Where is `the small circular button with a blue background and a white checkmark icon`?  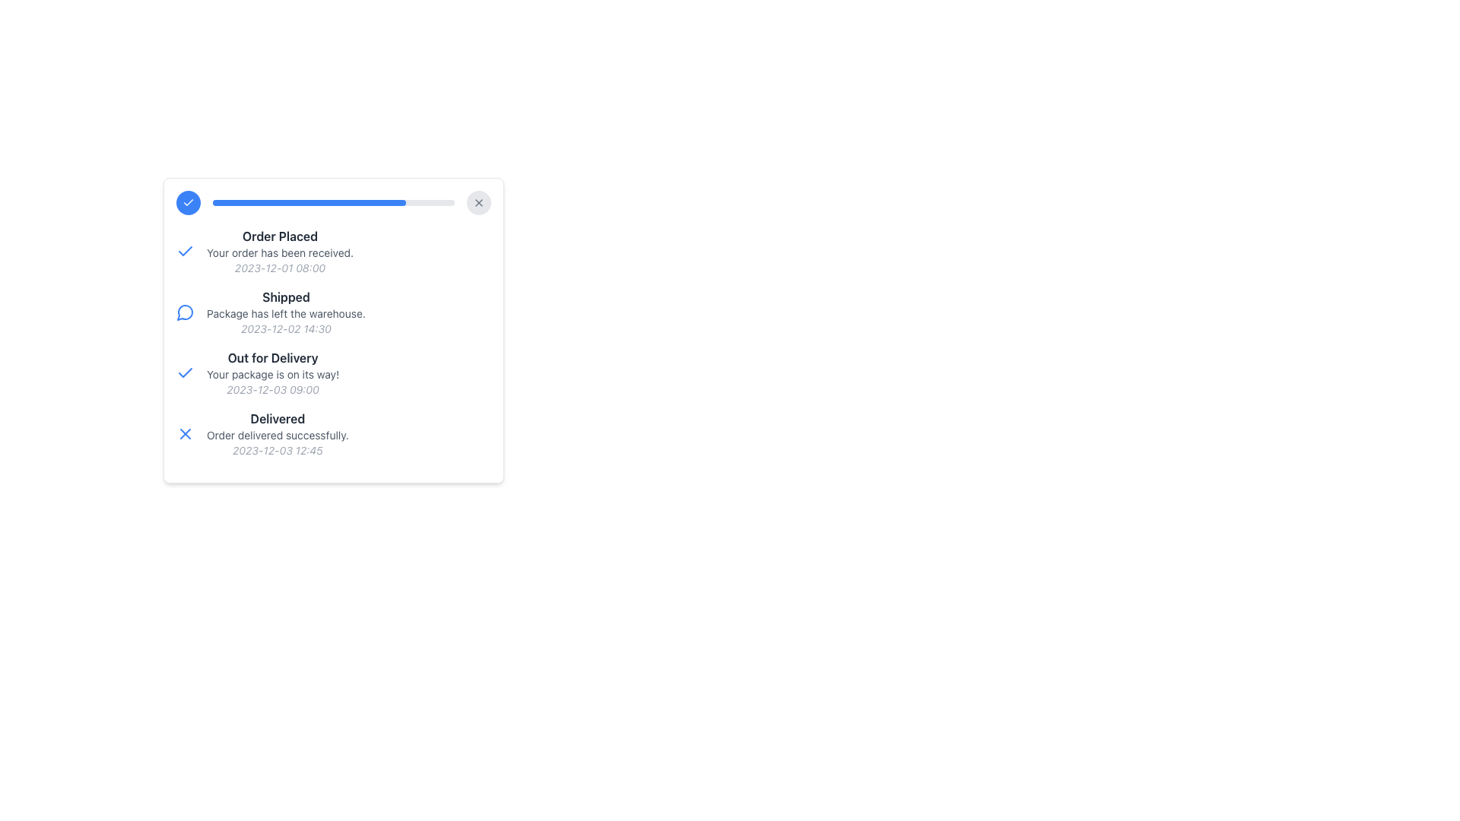 the small circular button with a blue background and a white checkmark icon is located at coordinates (188, 201).